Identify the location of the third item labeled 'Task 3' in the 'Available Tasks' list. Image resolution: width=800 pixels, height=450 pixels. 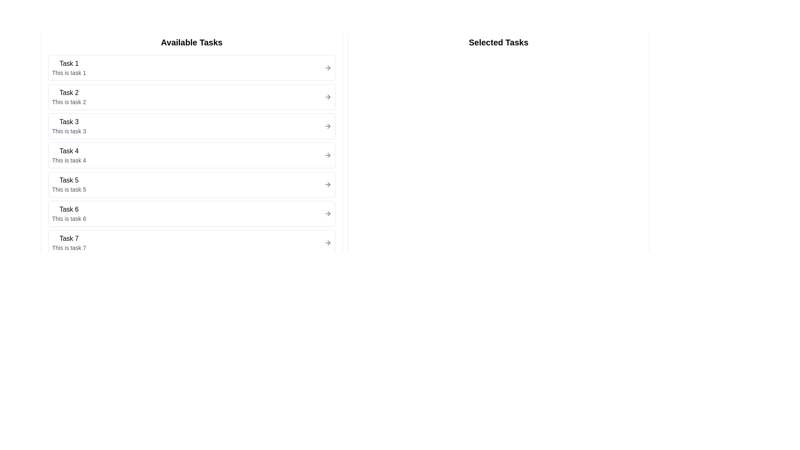
(69, 126).